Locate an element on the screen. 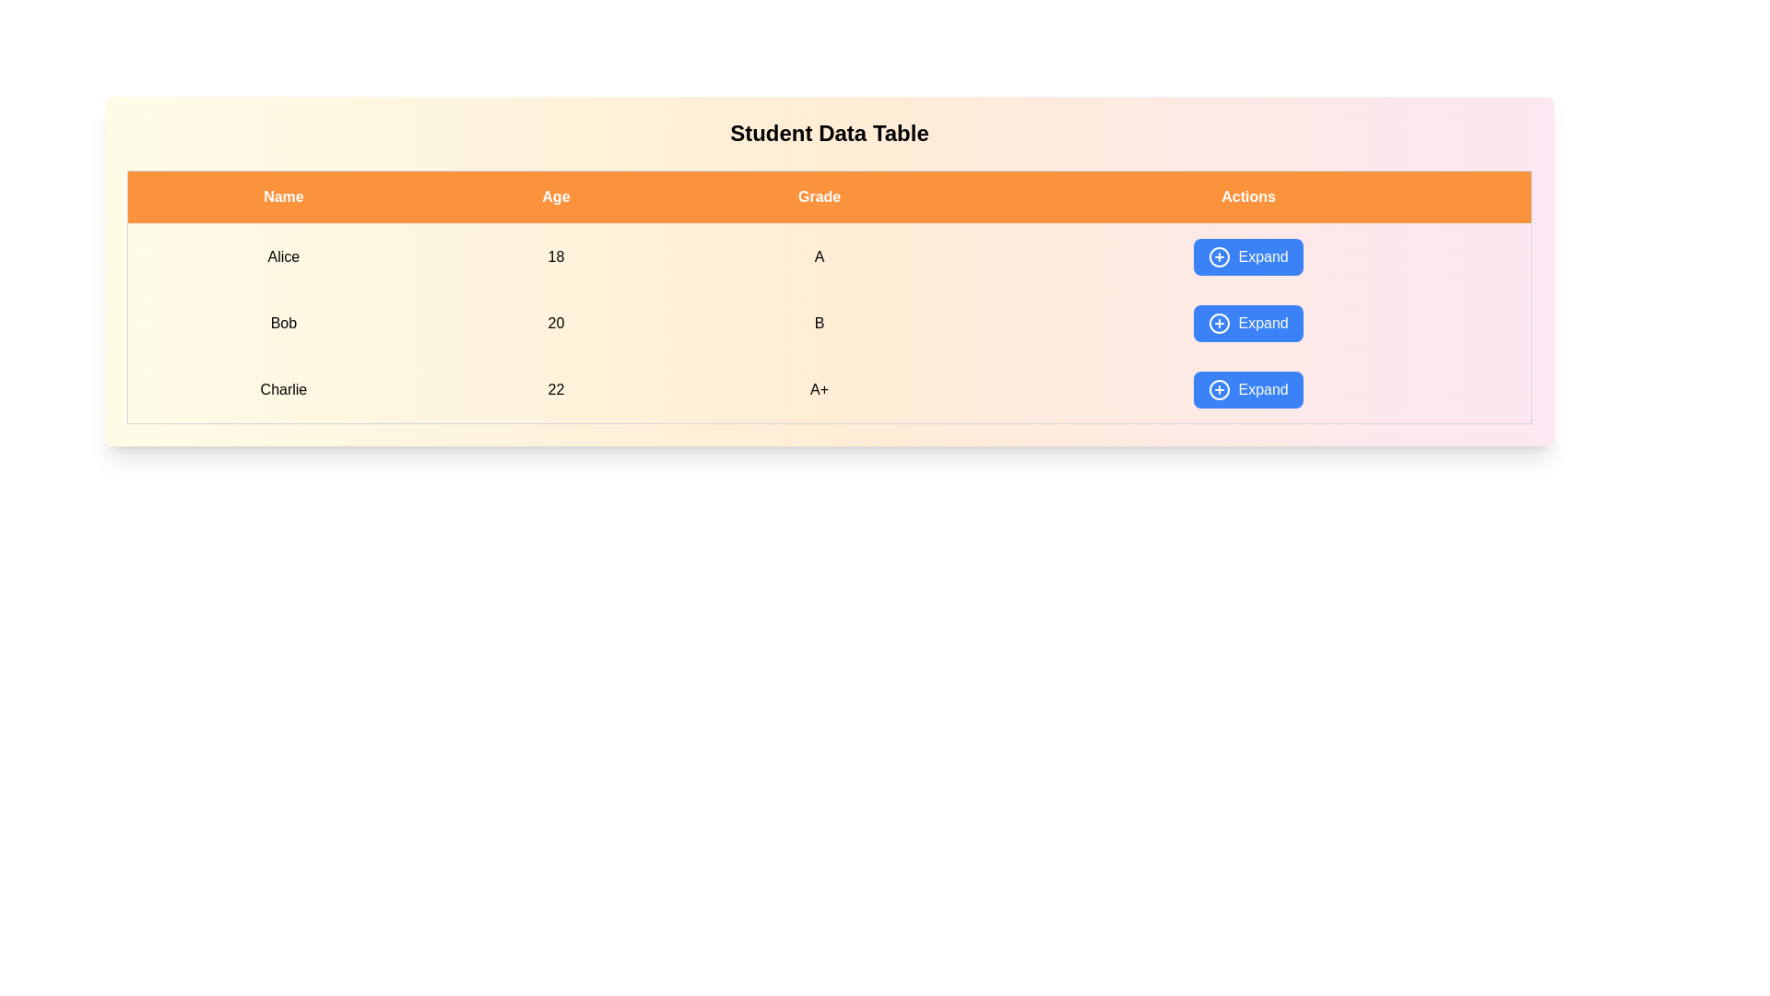  the circular SVG icon with a plus sign, located in the center of the button in the first row of the table under the 'Actions' column is located at coordinates (1220, 256).